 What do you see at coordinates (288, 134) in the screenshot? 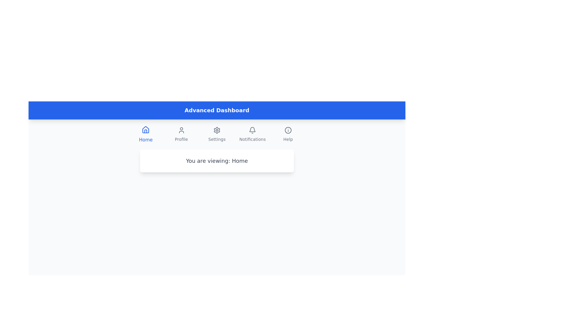
I see `the Help button, which is a circular icon with an 'i' inside and a text label 'Help' below it, located at the top center of the interface` at bounding box center [288, 134].